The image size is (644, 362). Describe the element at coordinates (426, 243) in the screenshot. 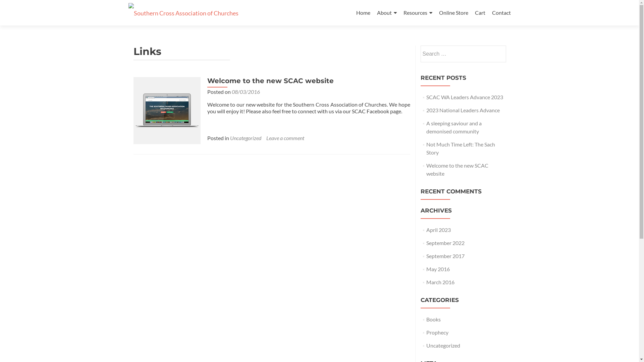

I see `'September 2022'` at that location.